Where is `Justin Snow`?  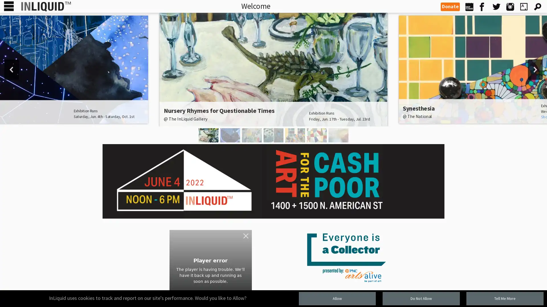 Justin Snow is located at coordinates (338, 135).